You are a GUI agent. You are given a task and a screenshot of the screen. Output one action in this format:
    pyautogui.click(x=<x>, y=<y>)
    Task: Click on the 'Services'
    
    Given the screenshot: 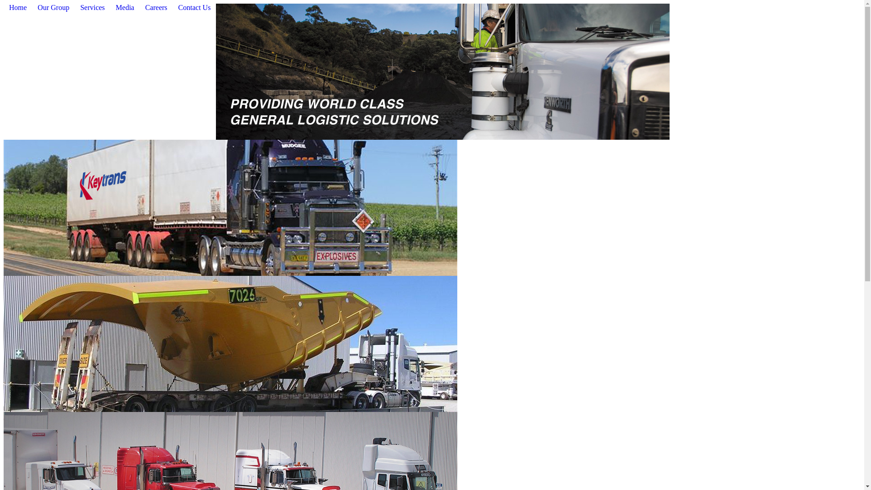 What is the action you would take?
    pyautogui.click(x=92, y=8)
    